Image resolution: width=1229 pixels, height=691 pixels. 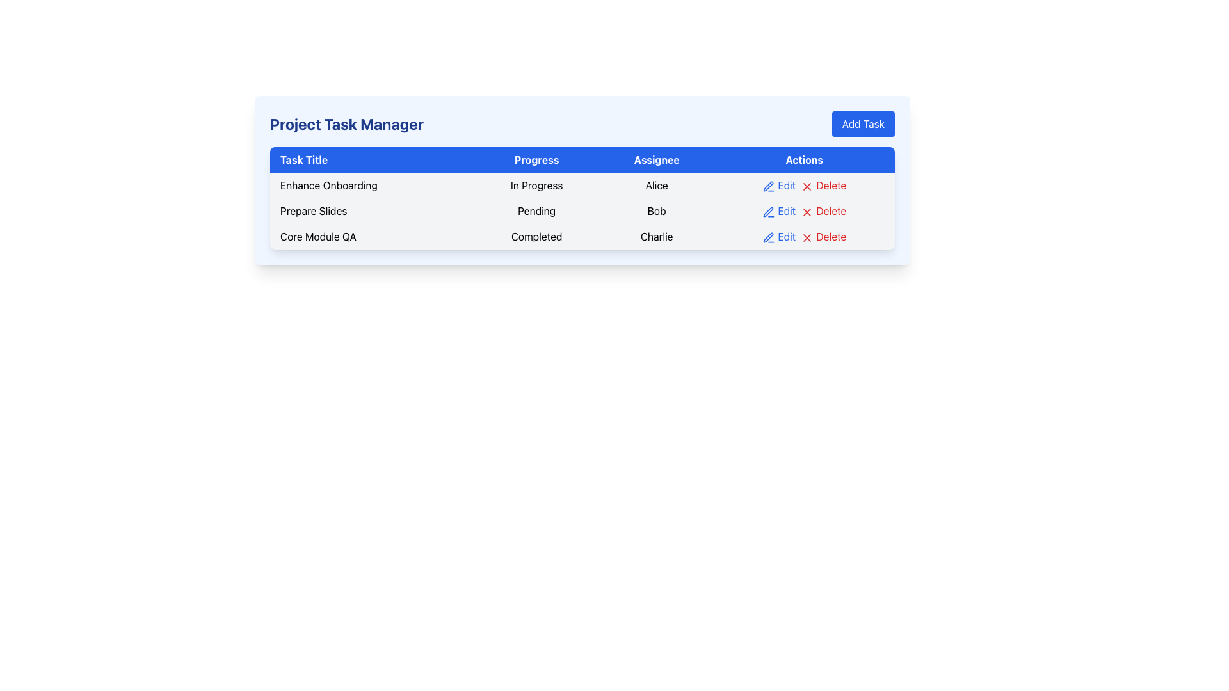 What do you see at coordinates (807, 237) in the screenshot?
I see `the red 'X' delete icon located in the 'Actions' column under the row for the task 'Core Module QA'` at bounding box center [807, 237].